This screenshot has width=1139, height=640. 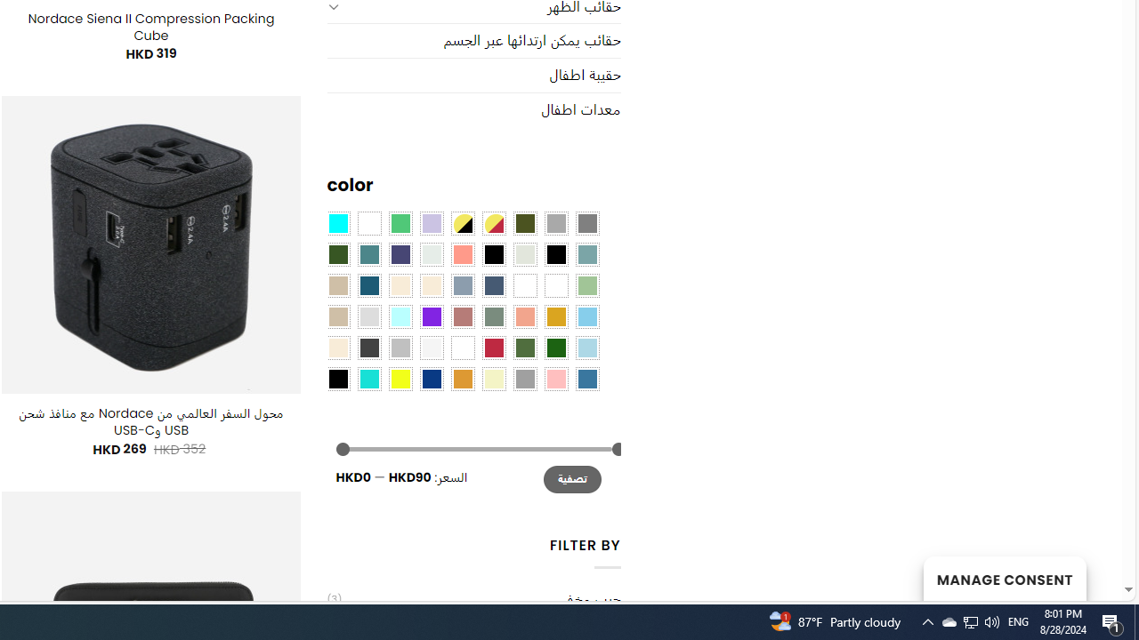 I want to click on 'Hale Navy', so click(x=493, y=284).